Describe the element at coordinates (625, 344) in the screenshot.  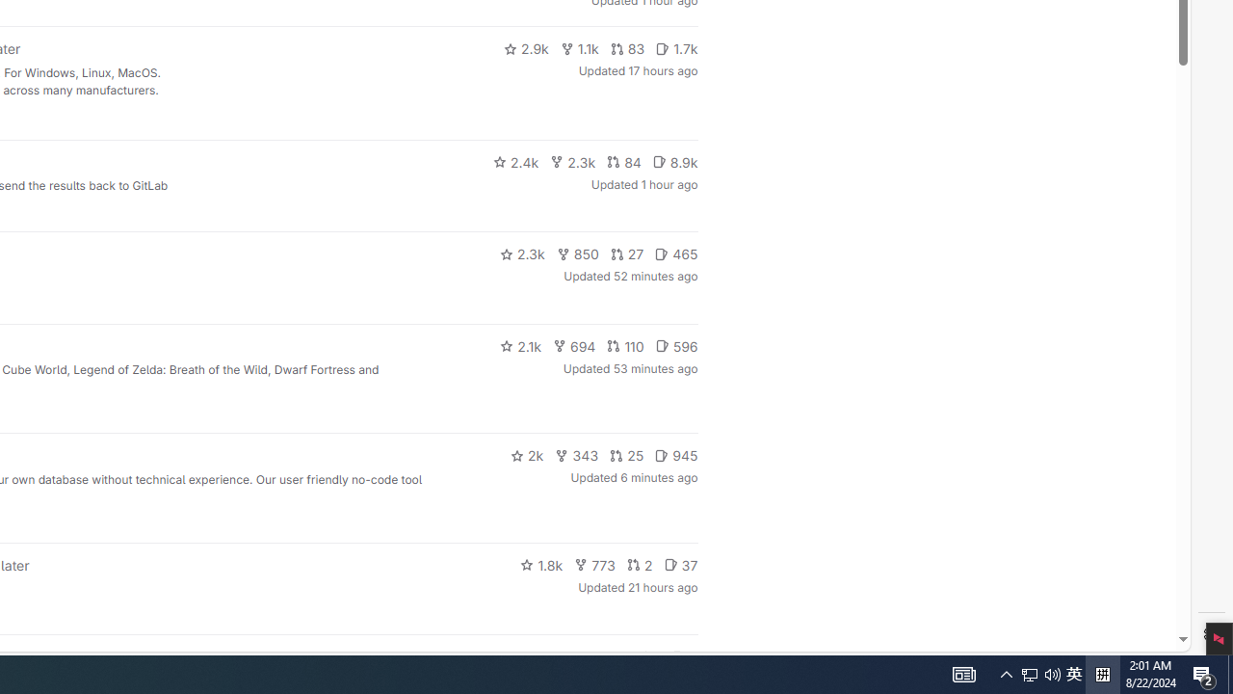
I see `'110'` at that location.